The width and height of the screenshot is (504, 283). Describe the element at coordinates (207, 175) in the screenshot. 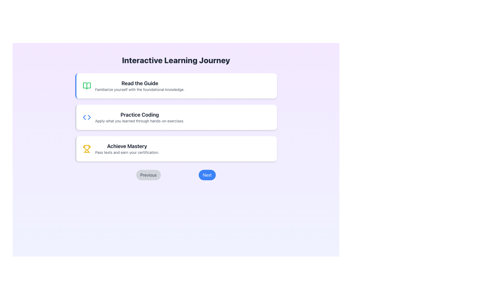

I see `the blue oval-shaped 'Next' button with white text` at that location.